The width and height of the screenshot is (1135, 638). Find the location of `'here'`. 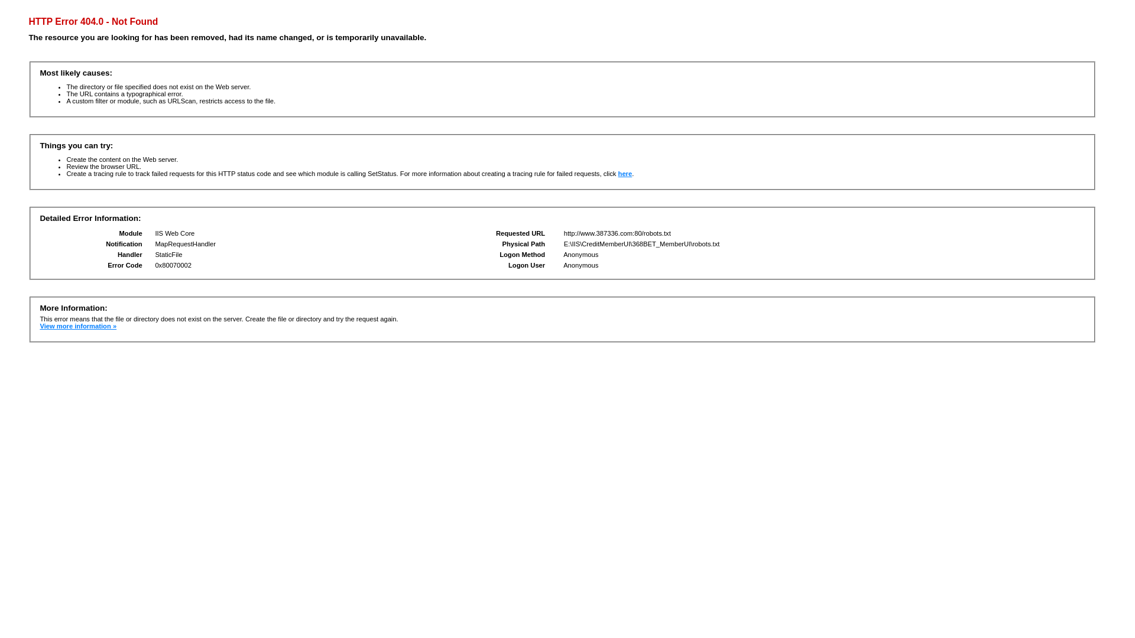

'here' is located at coordinates (618, 173).